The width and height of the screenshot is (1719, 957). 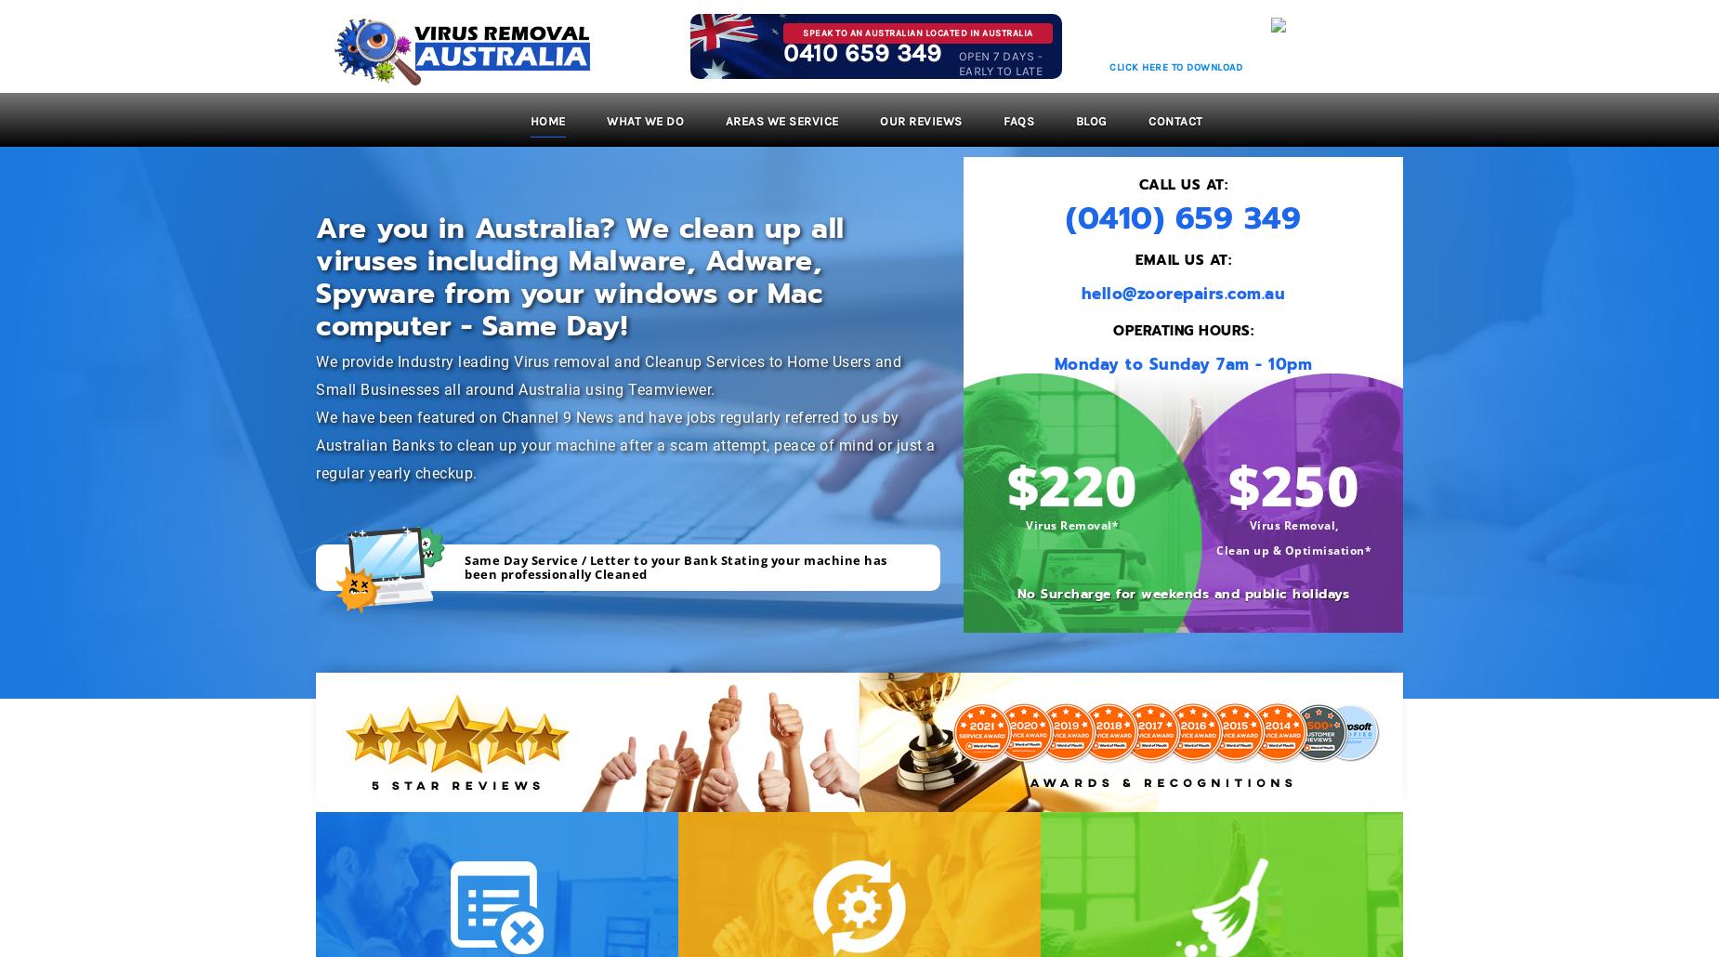 I want to click on 'We have been featured on Channel 9 News and have jobs regularly referred to us by Australian Banks to clean up your machine after a scam attempt, peace of mind or just a regular yearly checkup.', so click(x=625, y=444).